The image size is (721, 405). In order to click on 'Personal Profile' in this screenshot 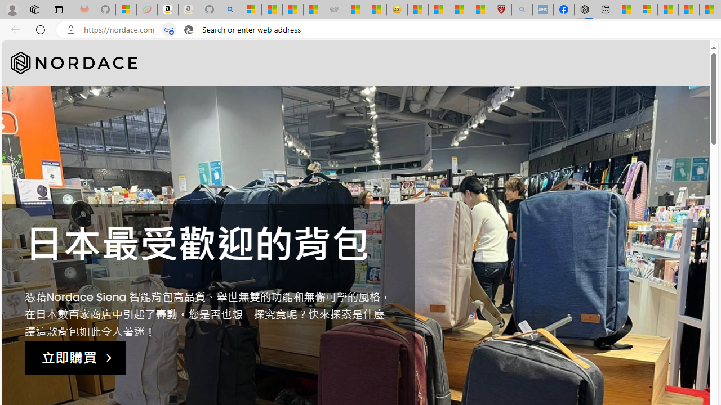, I will do `click(12, 9)`.